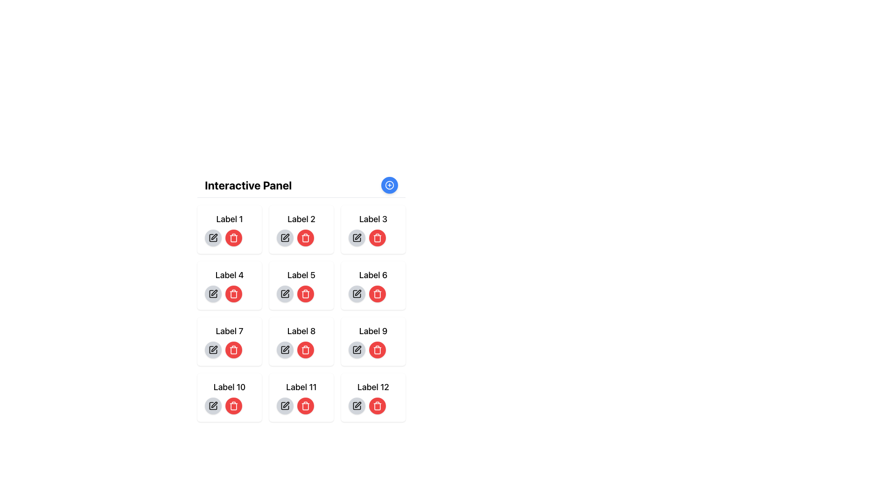 The image size is (896, 504). What do you see at coordinates (212, 406) in the screenshot?
I see `the edit icon located in the bottom-left corner of the 'Interactive Panel' under the 'Label 10' header` at bounding box center [212, 406].